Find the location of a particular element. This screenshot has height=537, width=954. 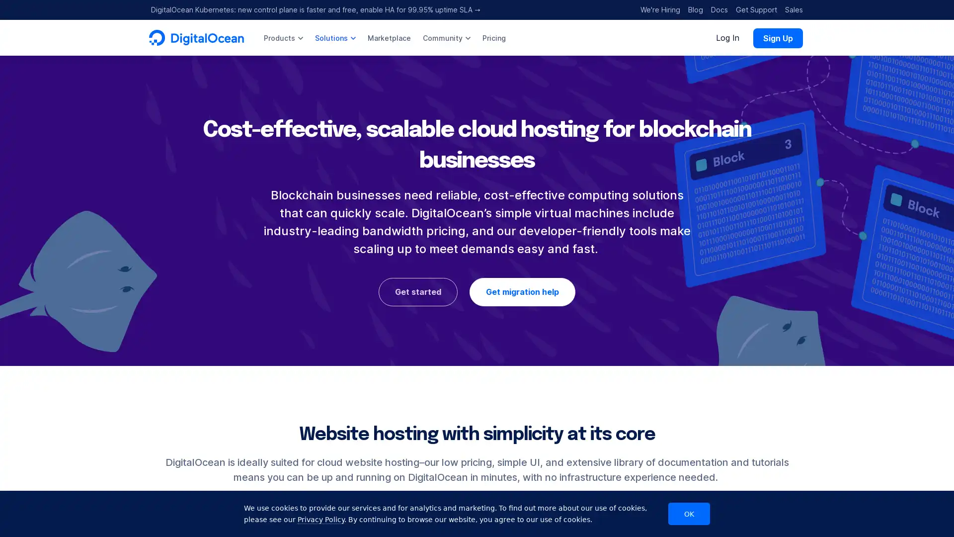

Products is located at coordinates (283, 37).